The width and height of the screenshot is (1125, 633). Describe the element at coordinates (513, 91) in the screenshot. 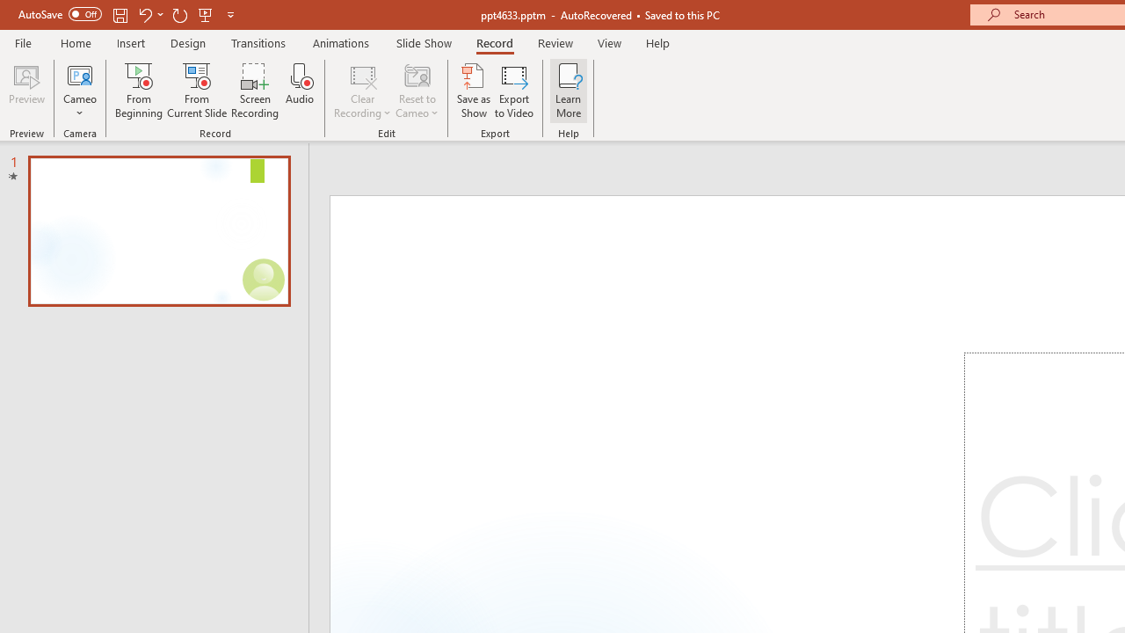

I see `'Export to Video'` at that location.